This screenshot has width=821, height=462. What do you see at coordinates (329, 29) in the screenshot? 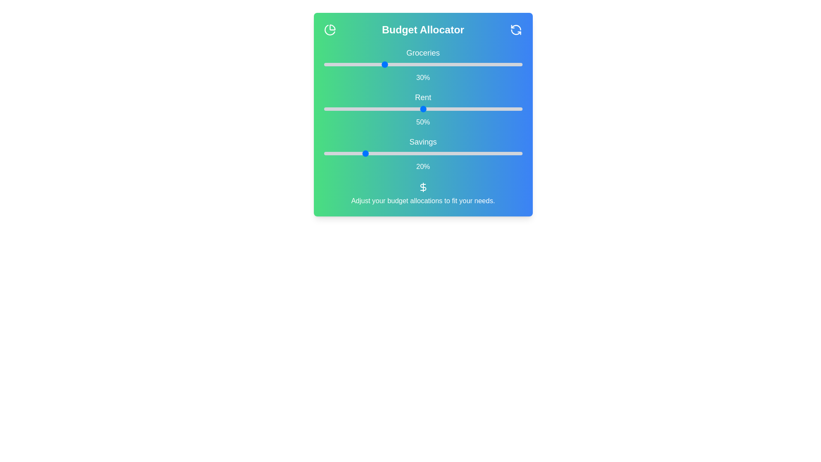
I see `the pie_chart icon to perform its associated action` at bounding box center [329, 29].